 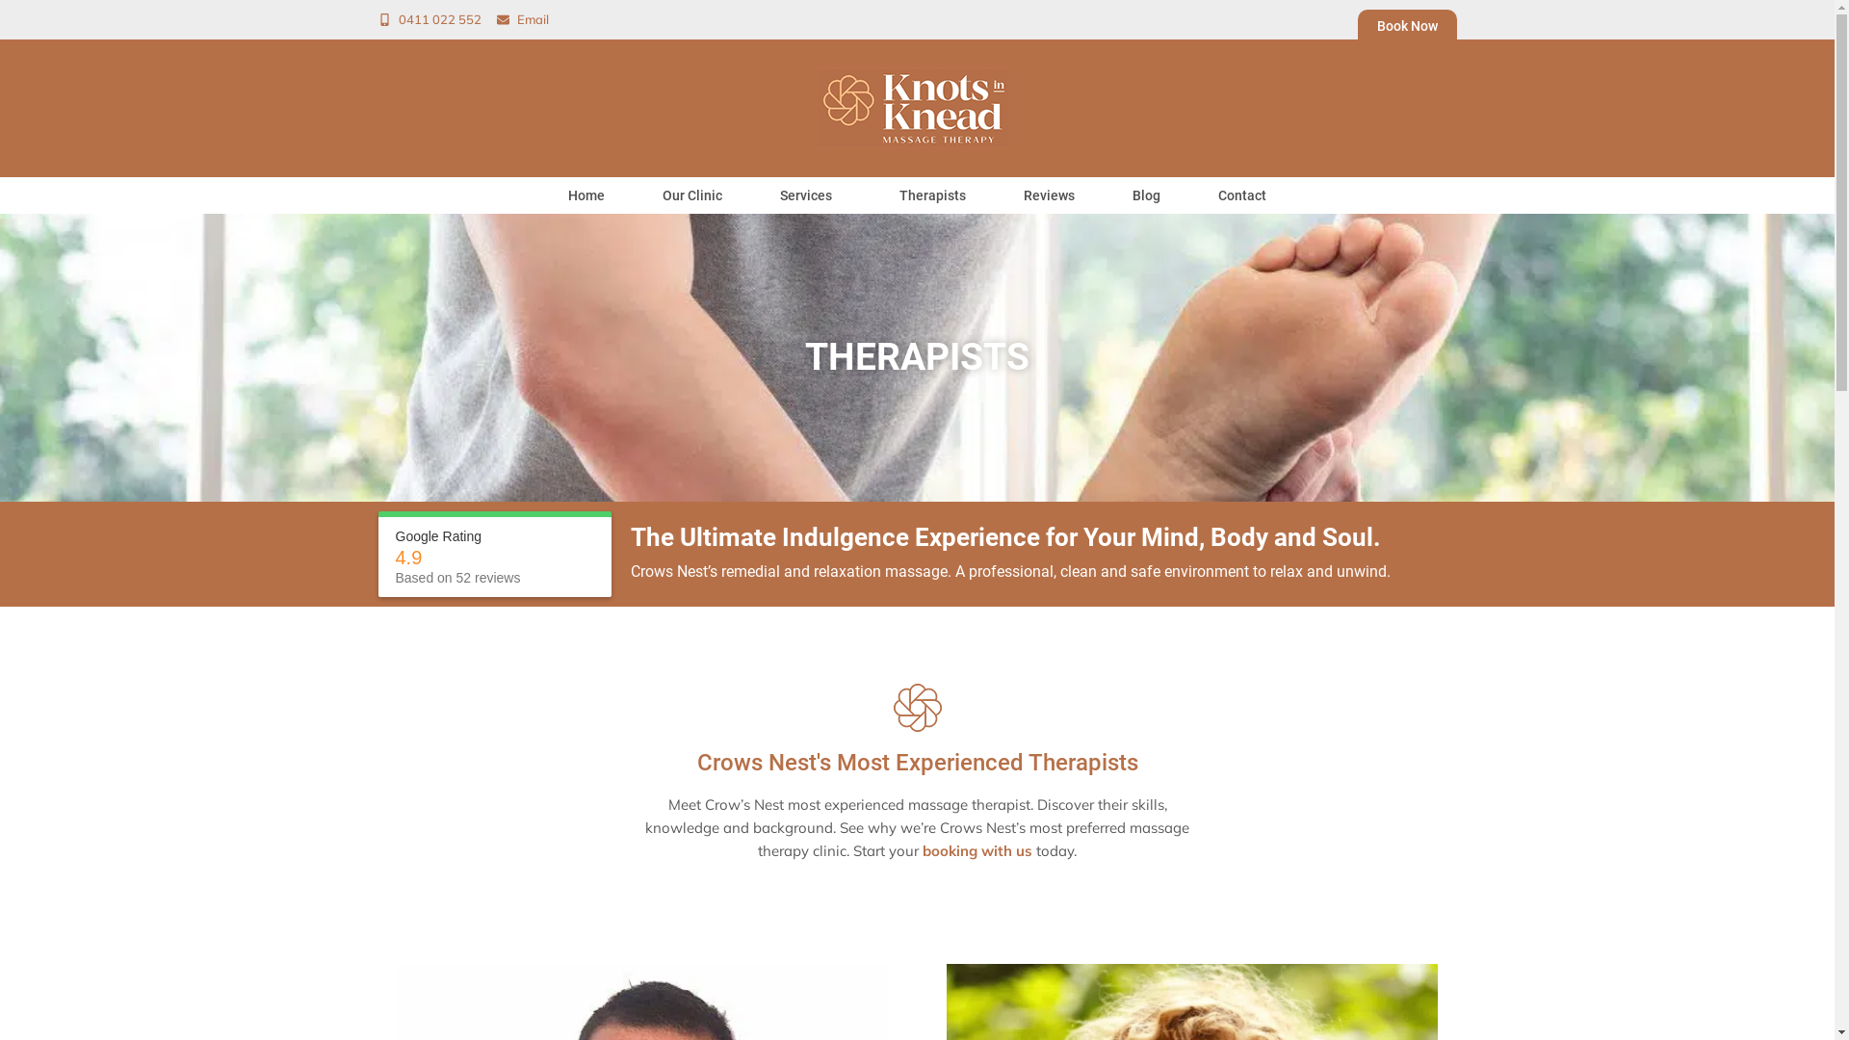 I want to click on 'Services', so click(x=749, y=195).